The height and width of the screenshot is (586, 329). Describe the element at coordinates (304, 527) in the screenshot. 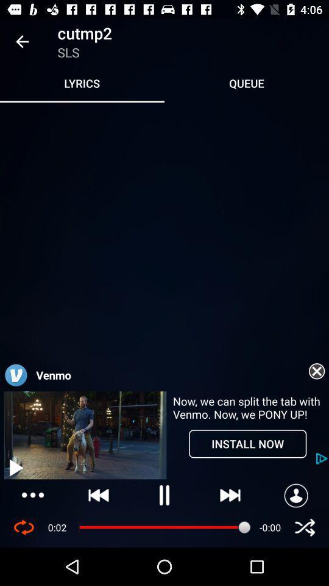

I see `the close icon` at that location.